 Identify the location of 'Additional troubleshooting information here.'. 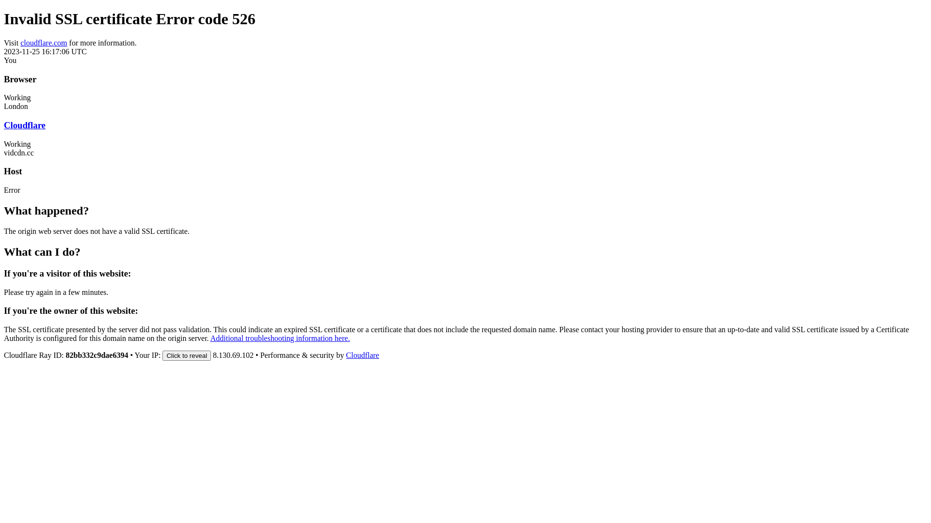
(279, 338).